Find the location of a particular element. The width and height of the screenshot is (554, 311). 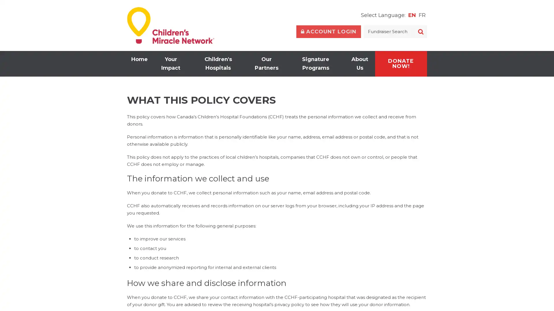

Toggle Account Login Form is located at coordinates (331, 31).